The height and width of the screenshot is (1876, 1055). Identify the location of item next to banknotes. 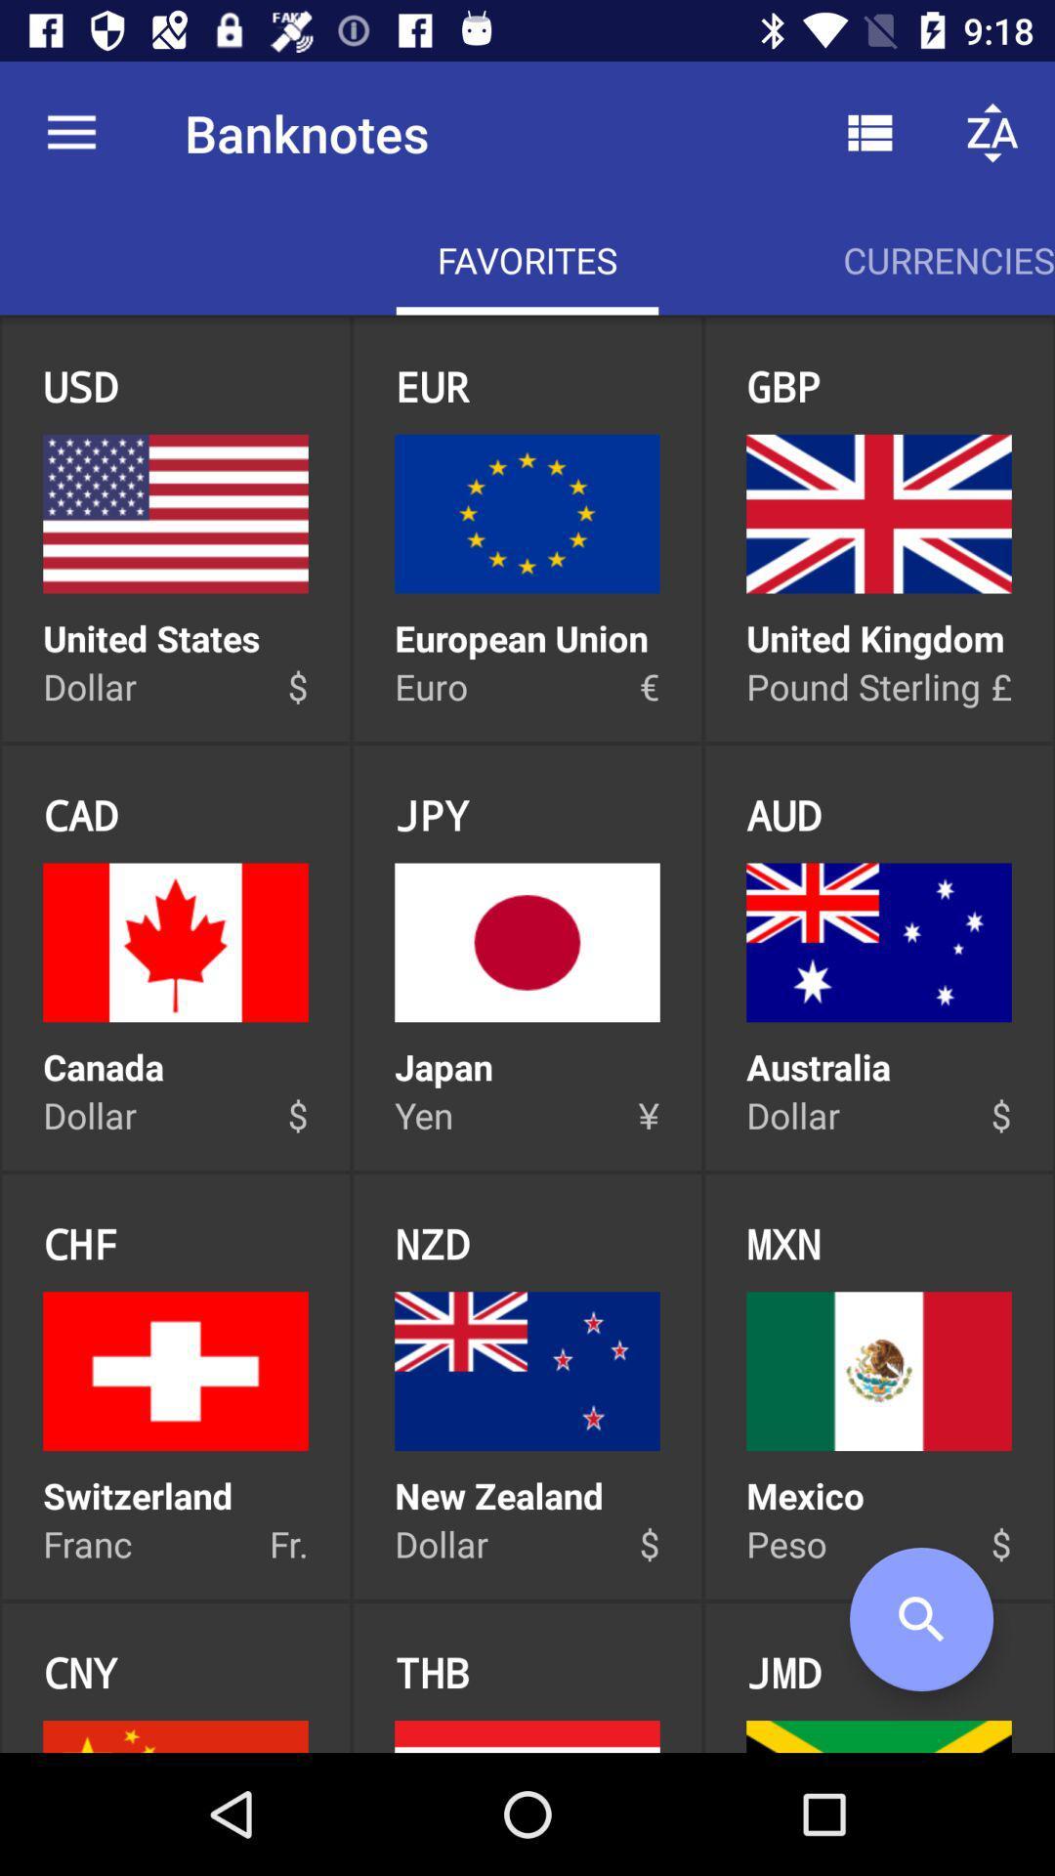
(869, 132).